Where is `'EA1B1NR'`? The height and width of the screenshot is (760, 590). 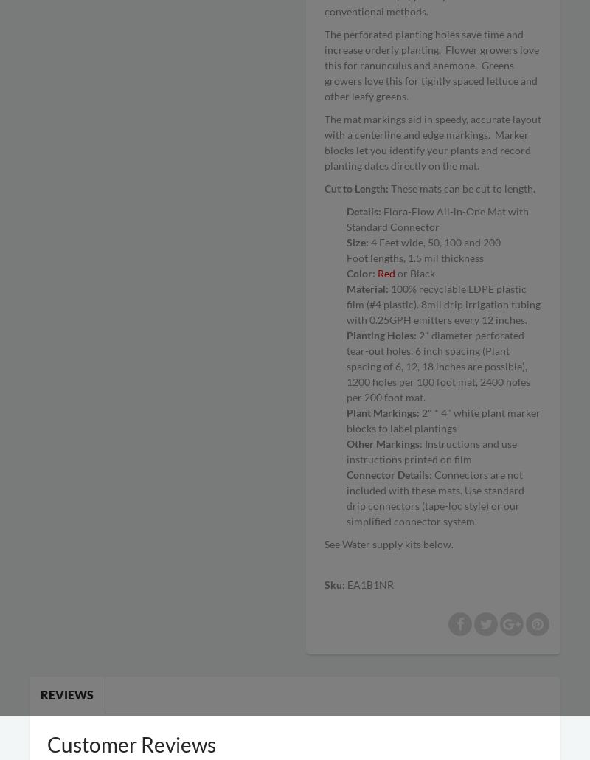 'EA1B1NR' is located at coordinates (347, 584).